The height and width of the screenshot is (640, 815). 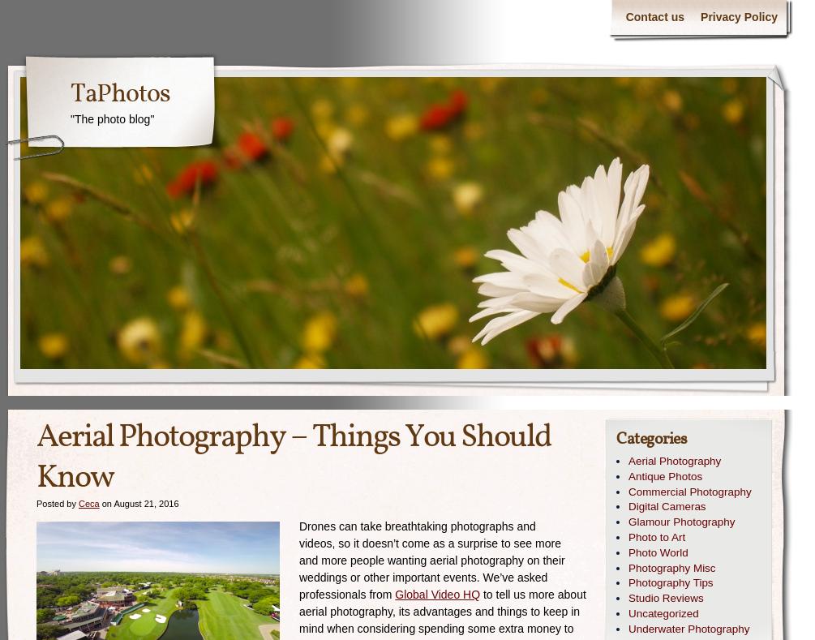 What do you see at coordinates (294, 458) in the screenshot?
I see `'Aerial Photography – Things You Should Know'` at bounding box center [294, 458].